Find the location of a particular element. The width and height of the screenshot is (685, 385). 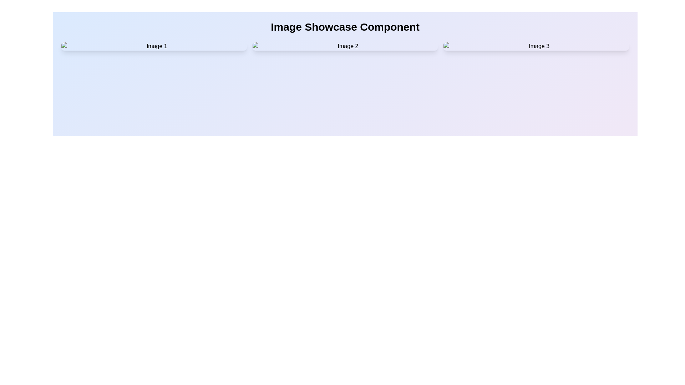

the Grid layout element that showcases three distinct items or images, located below the header titled 'Image Showcase Component' is located at coordinates (345, 46).